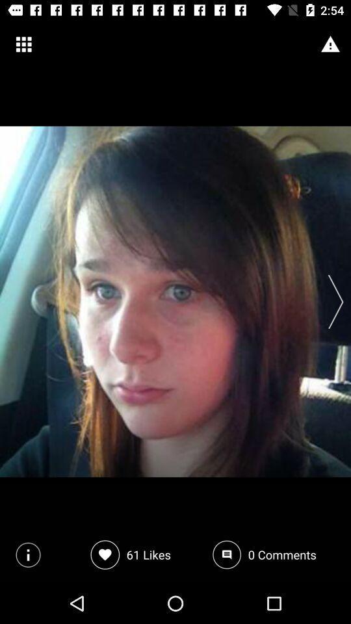  Describe the element at coordinates (335, 302) in the screenshot. I see `the arrow_forward icon` at that location.